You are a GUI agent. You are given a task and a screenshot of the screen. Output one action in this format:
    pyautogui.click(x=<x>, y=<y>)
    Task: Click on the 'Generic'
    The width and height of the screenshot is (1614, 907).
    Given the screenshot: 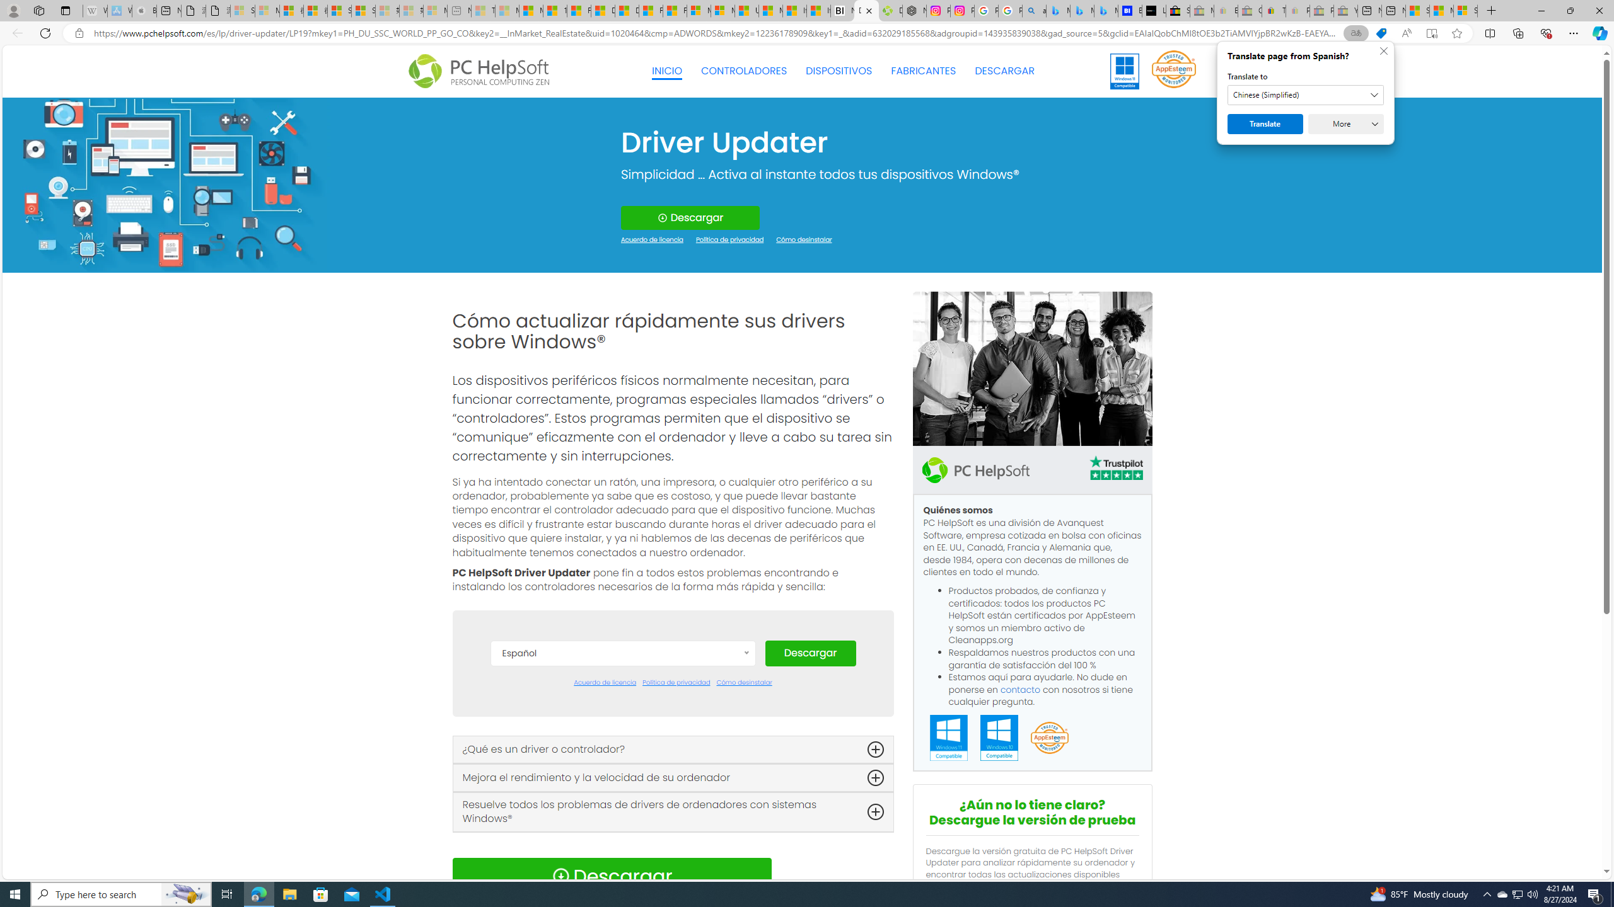 What is the action you would take?
    pyautogui.click(x=166, y=184)
    